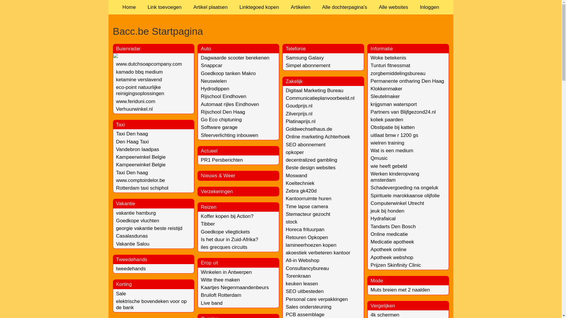 The image size is (566, 318). What do you see at coordinates (129, 7) in the screenshot?
I see `'Home'` at bounding box center [129, 7].